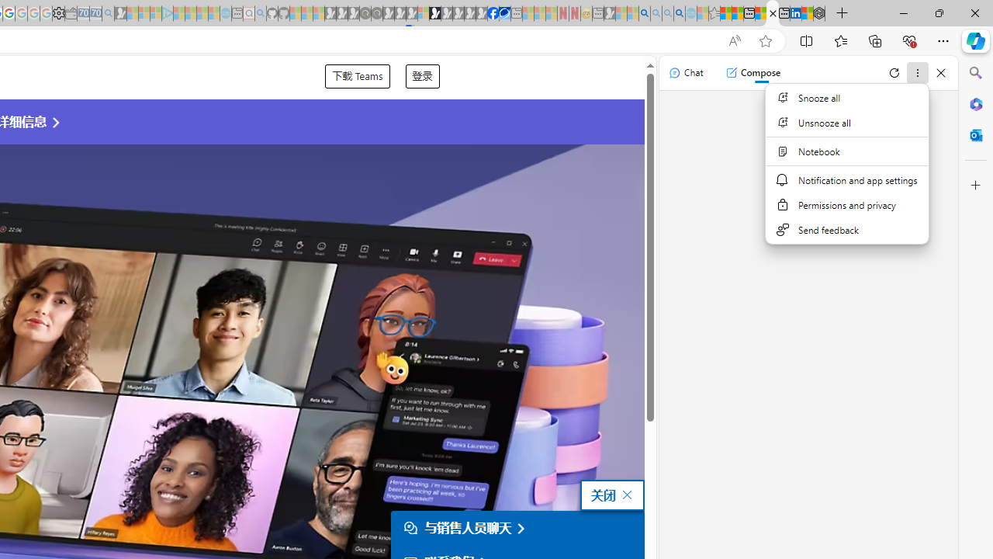 This screenshot has height=559, width=993. I want to click on 'Chat', so click(685, 72).